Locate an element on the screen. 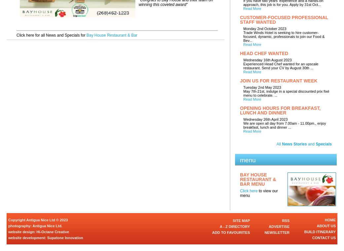 The height and width of the screenshot is (251, 344). 'Click here' is located at coordinates (248, 191).